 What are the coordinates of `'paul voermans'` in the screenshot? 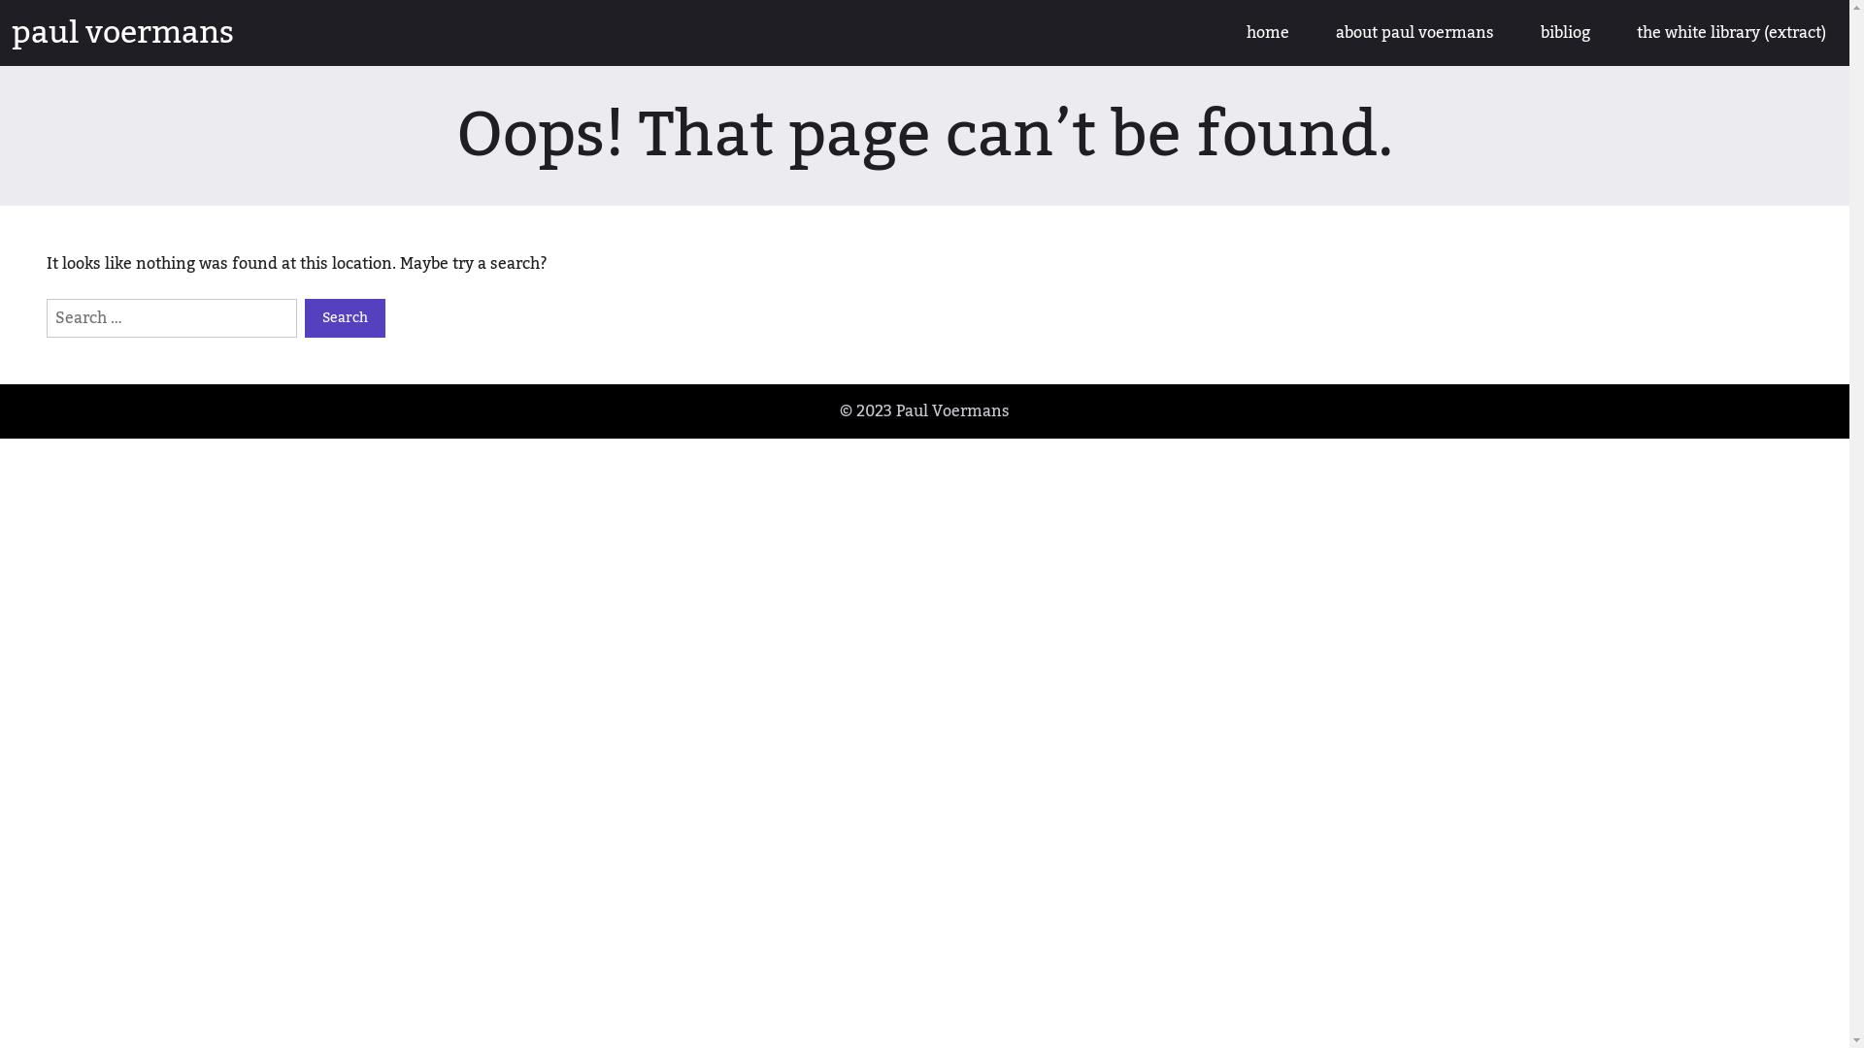 It's located at (121, 33).